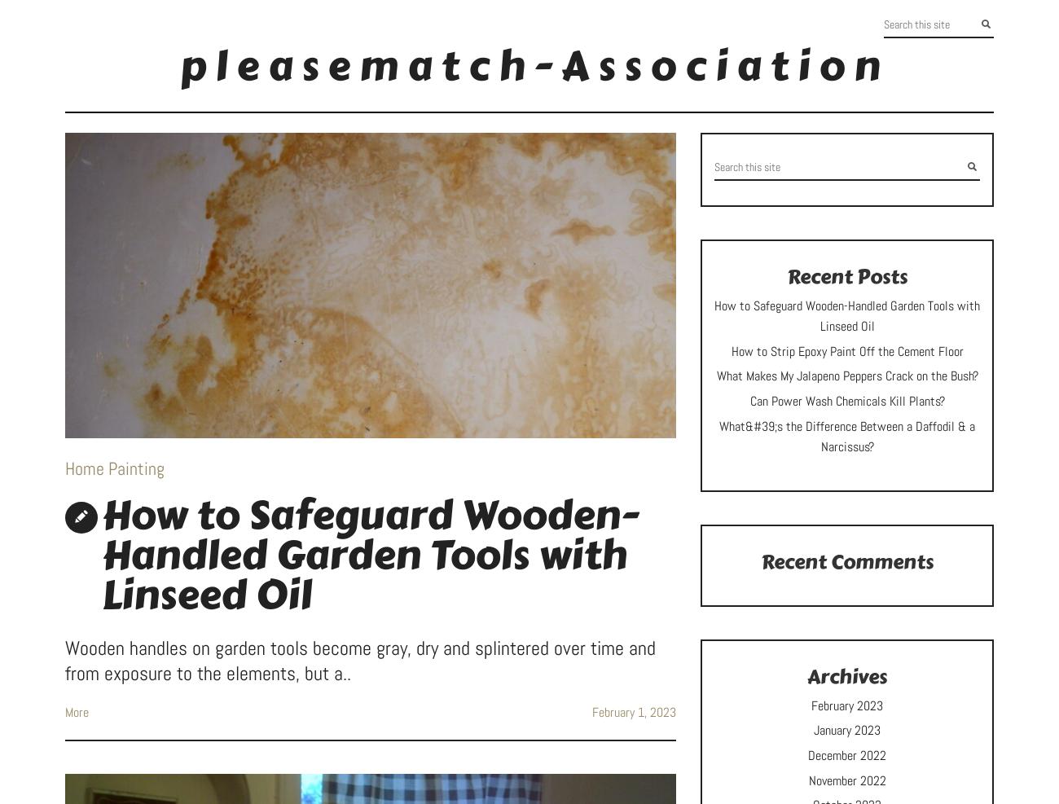  What do you see at coordinates (847, 754) in the screenshot?
I see `'December 2022'` at bounding box center [847, 754].